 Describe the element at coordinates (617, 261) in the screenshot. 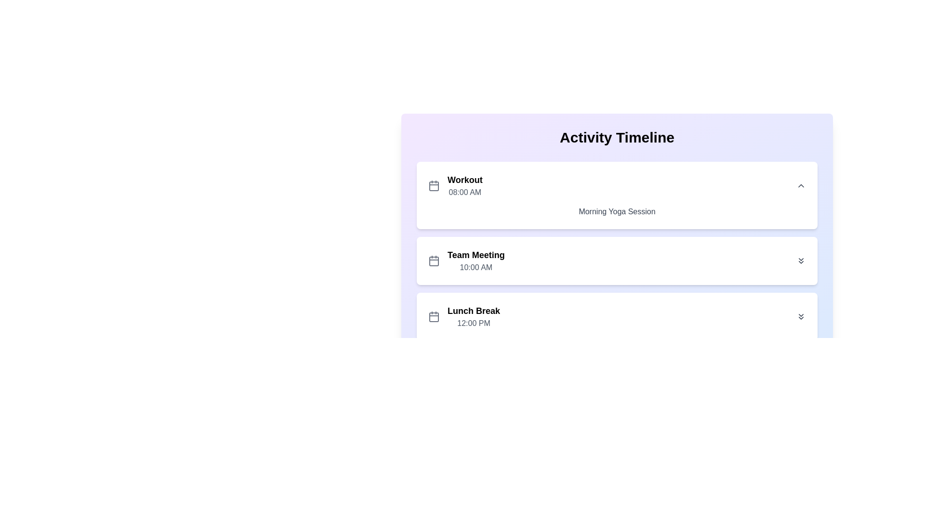

I see `the 'Team Meeting' schedule entry` at that location.